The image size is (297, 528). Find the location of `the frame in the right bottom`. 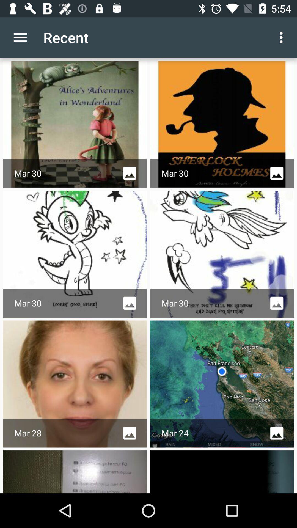

the frame in the right bottom is located at coordinates (222, 471).